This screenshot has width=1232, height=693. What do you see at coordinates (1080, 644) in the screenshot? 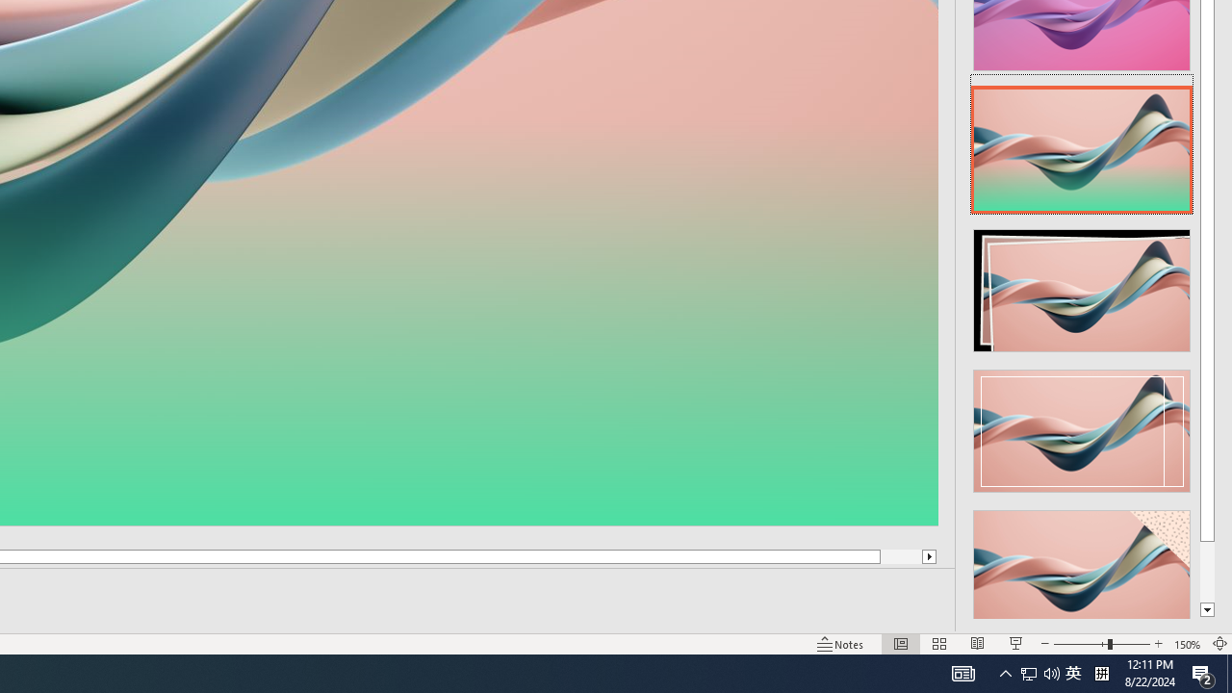
I see `'Zoom Out'` at bounding box center [1080, 644].